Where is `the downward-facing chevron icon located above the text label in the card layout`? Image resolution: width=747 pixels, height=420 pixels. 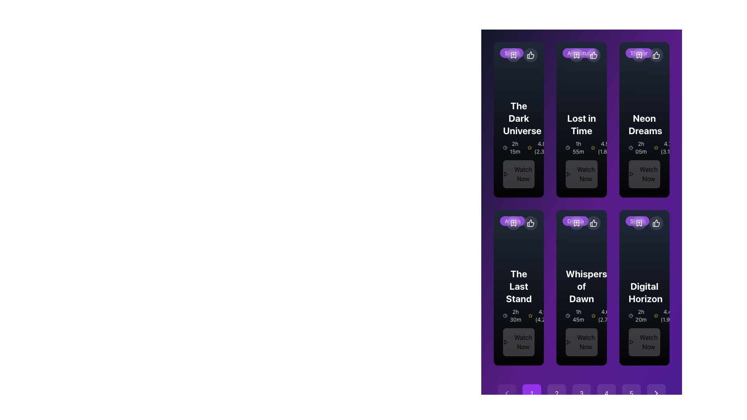
the downward-facing chevron icon located above the text label in the card layout is located at coordinates (514, 223).